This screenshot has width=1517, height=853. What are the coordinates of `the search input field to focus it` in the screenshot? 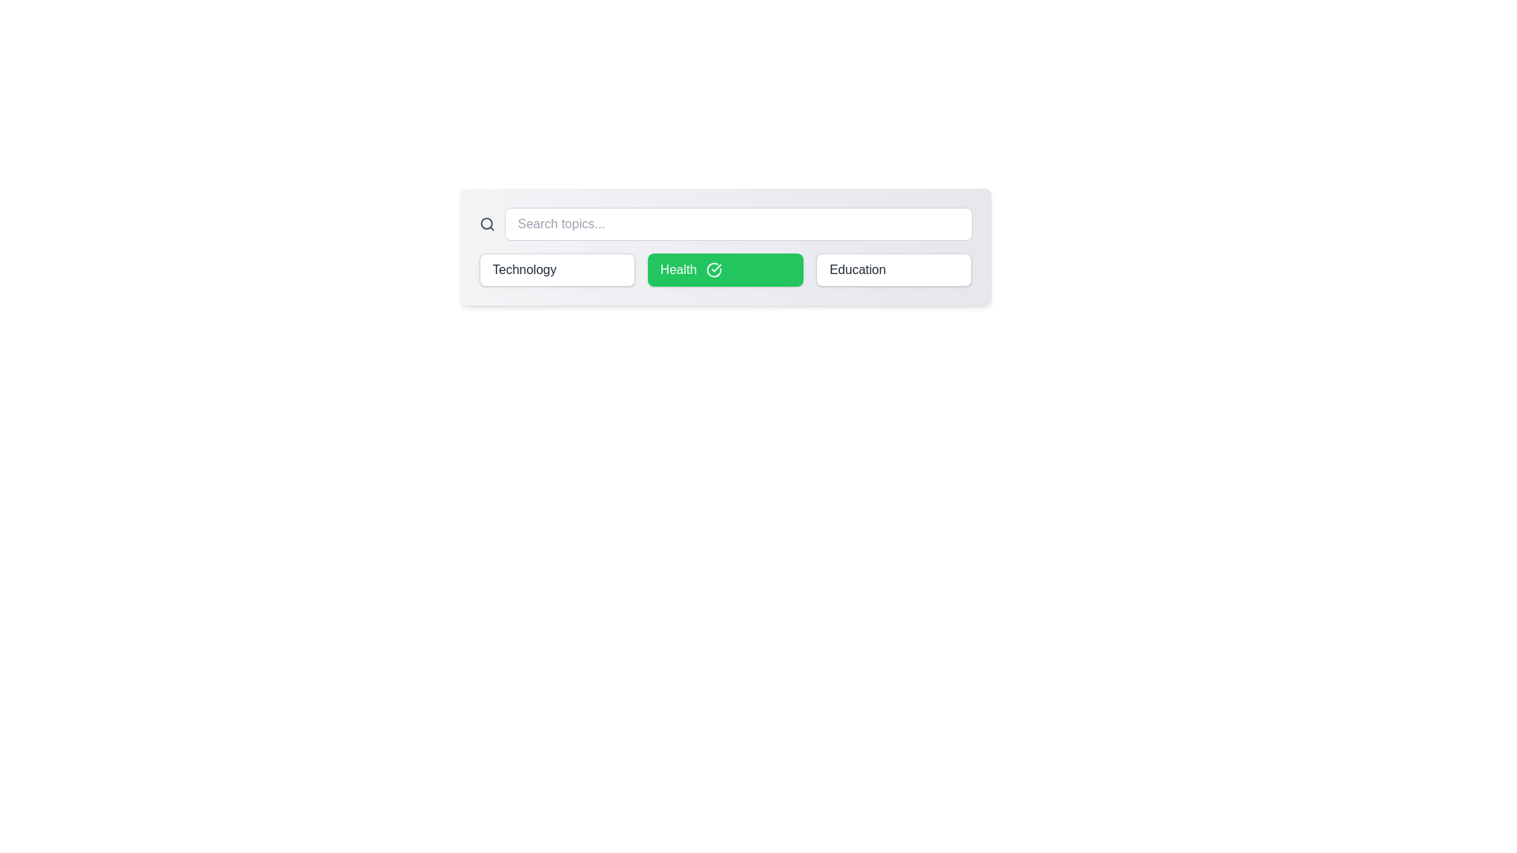 It's located at (737, 224).